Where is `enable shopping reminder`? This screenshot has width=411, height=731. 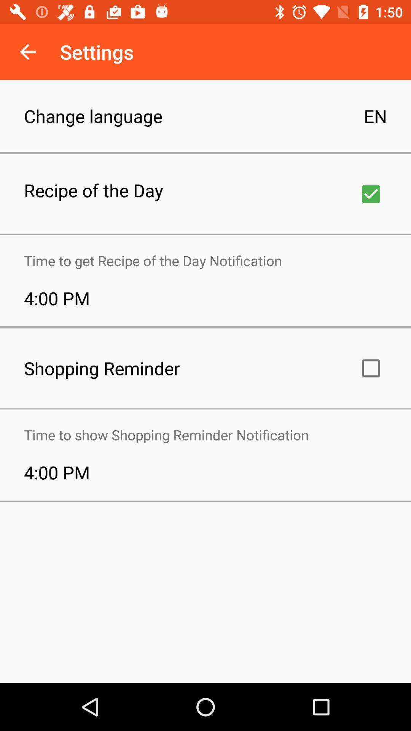
enable shopping reminder is located at coordinates (371, 368).